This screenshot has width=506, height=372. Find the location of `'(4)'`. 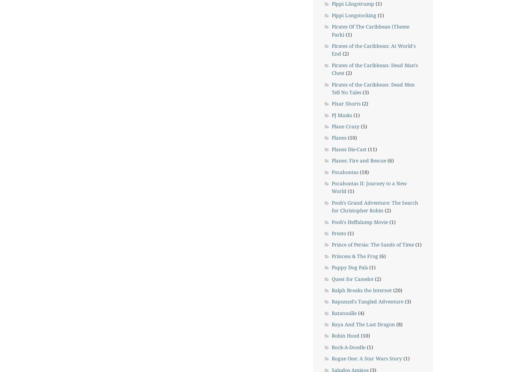

'(4)' is located at coordinates (360, 313).